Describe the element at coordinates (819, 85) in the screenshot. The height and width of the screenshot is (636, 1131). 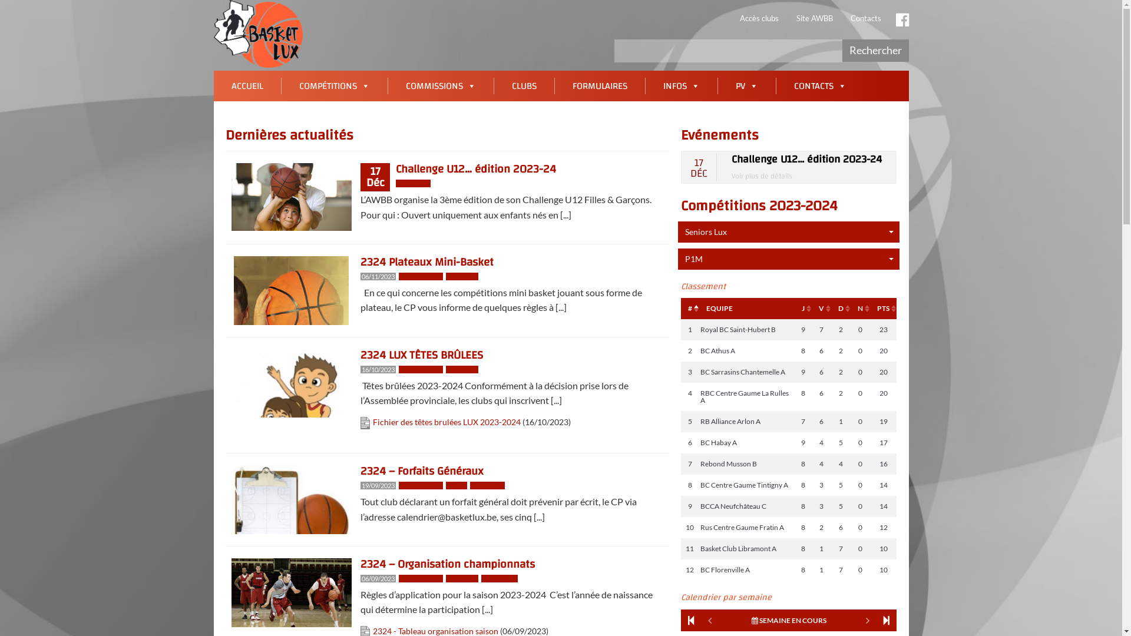
I see `'CONTACTS'` at that location.